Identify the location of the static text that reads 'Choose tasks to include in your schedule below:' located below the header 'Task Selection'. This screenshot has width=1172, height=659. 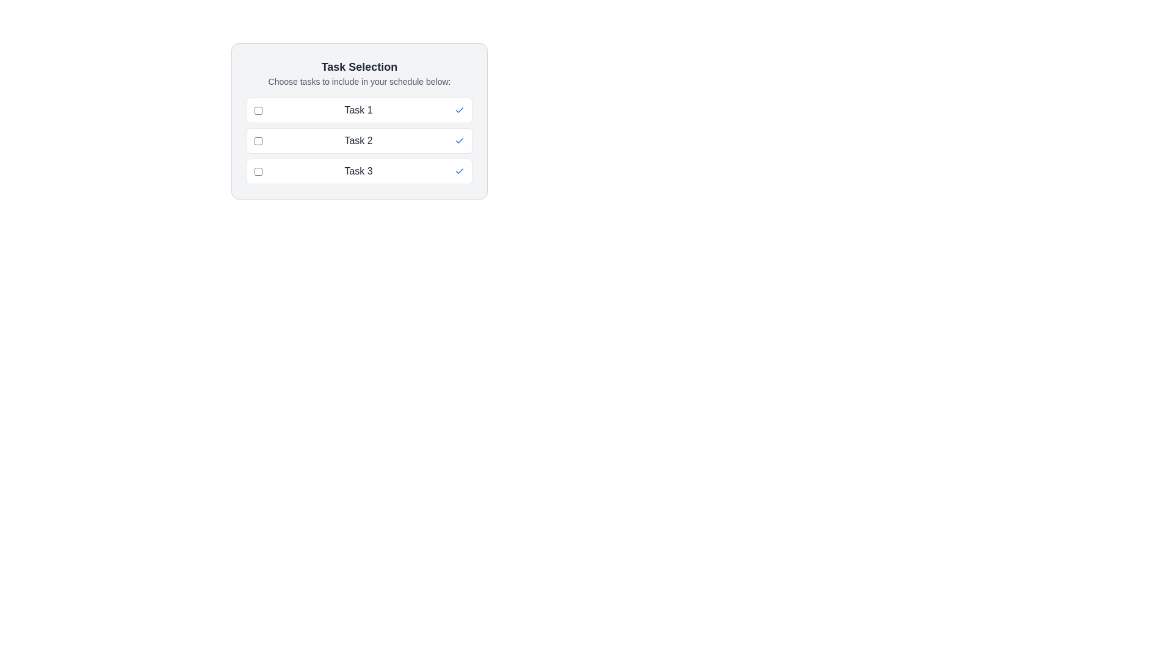
(359, 82).